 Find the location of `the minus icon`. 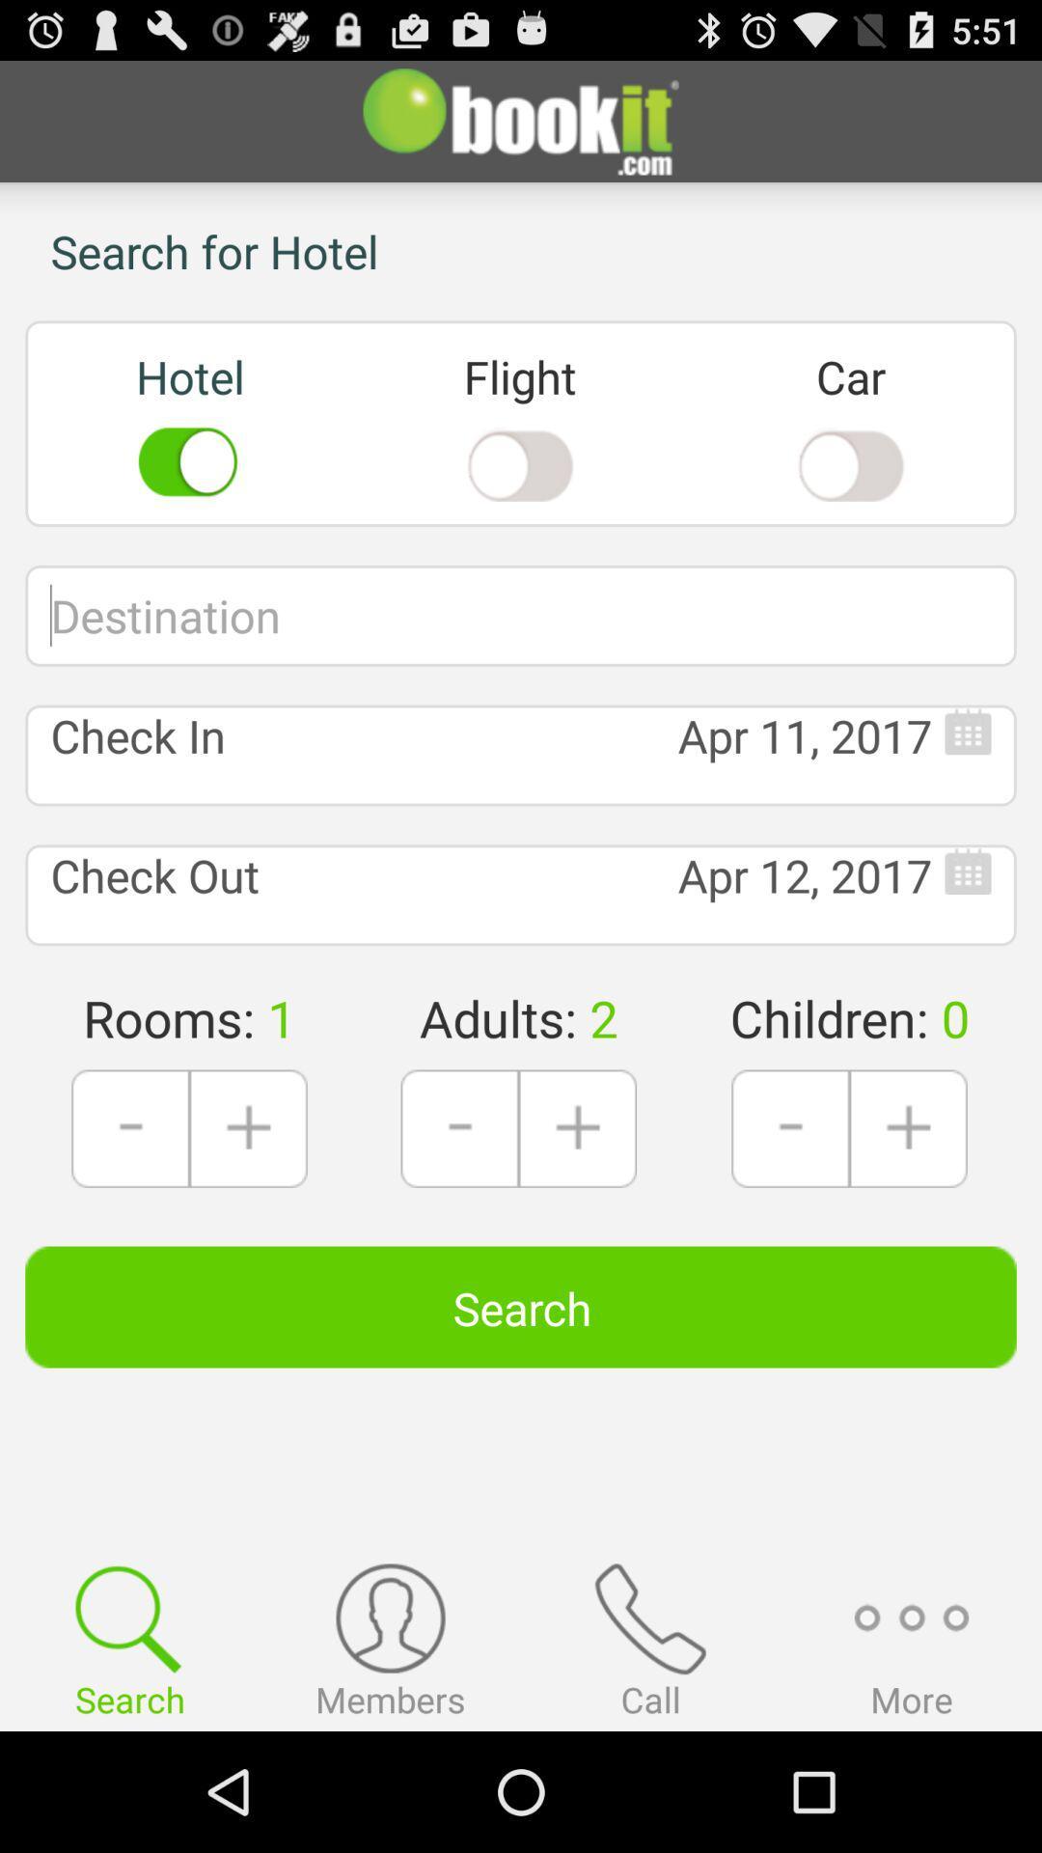

the minus icon is located at coordinates (130, 1206).